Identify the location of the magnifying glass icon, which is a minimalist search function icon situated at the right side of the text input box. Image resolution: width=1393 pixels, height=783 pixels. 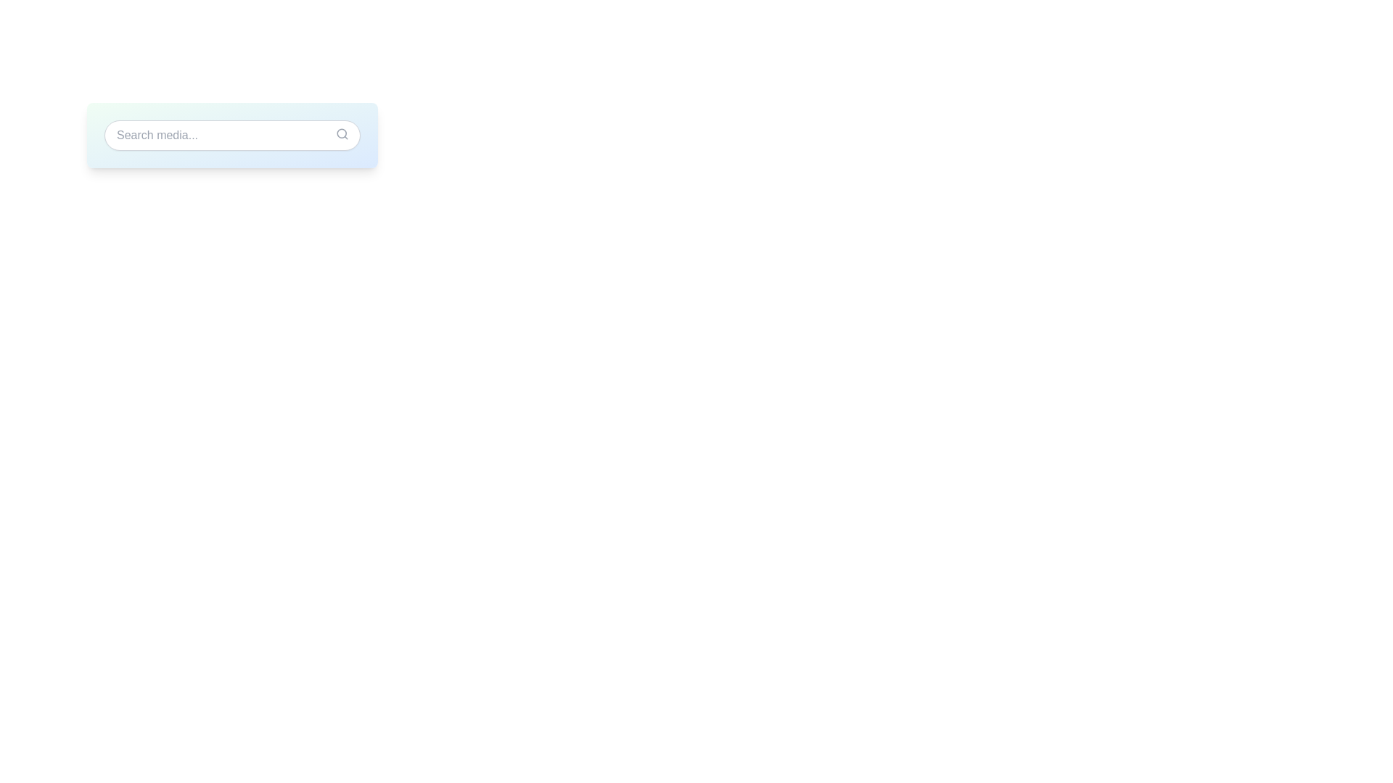
(341, 134).